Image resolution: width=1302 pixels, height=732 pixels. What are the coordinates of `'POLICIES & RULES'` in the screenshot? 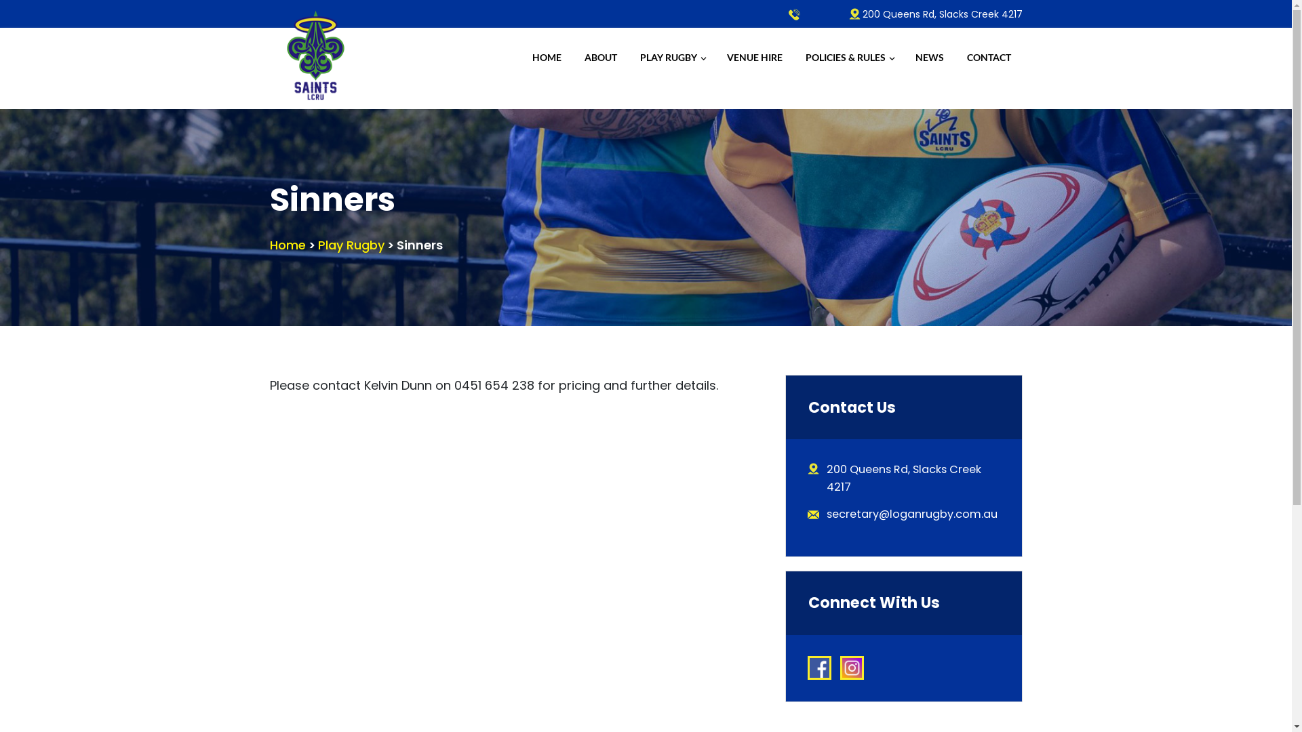 It's located at (848, 56).